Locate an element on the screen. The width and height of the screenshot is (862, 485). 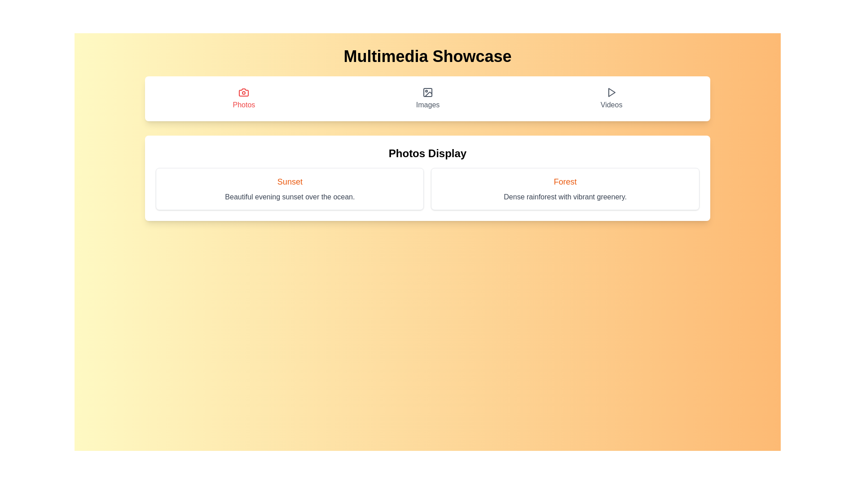
the 'Videos' text label within the navigation button located on the far right of the top navigation bar, which indicates the section for video-related content is located at coordinates (611, 105).